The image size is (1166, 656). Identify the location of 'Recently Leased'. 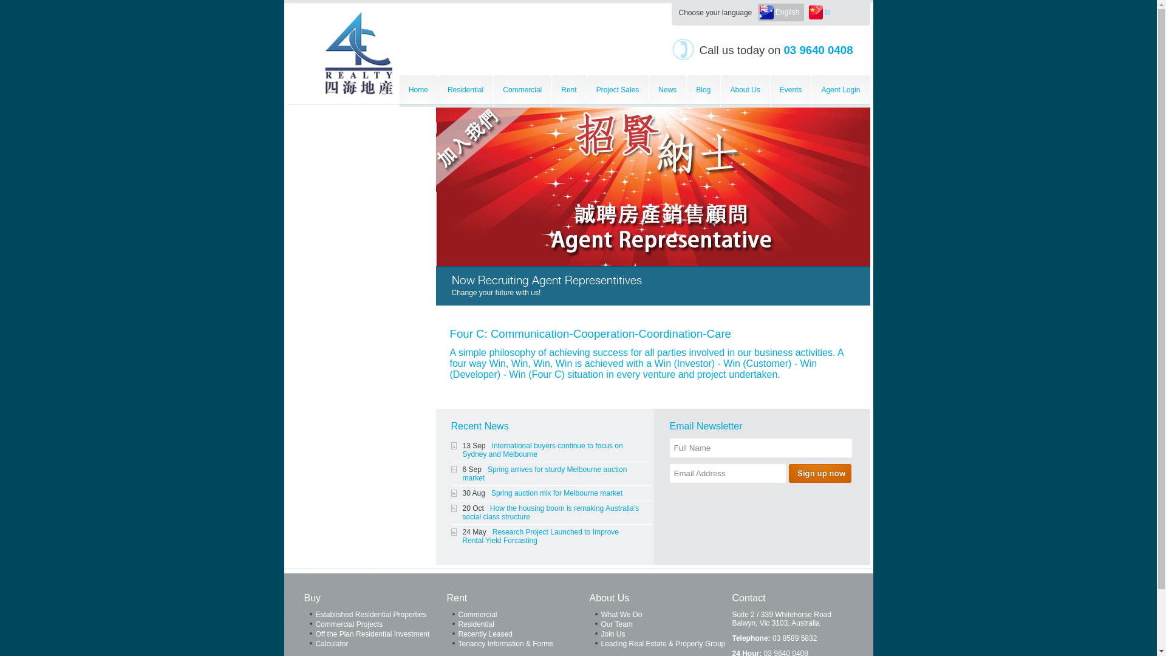
(518, 634).